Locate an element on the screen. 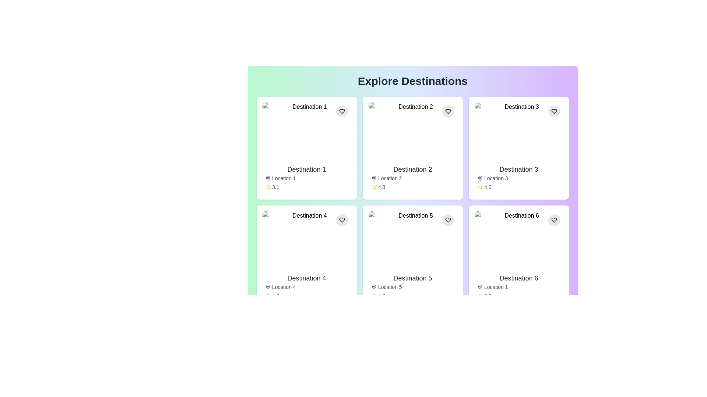 Image resolution: width=707 pixels, height=397 pixels. the circular button with a light gray background and a black heart icon in the top-right corner of the 'Destination 2' card to mark it as favorite is located at coordinates (448, 111).